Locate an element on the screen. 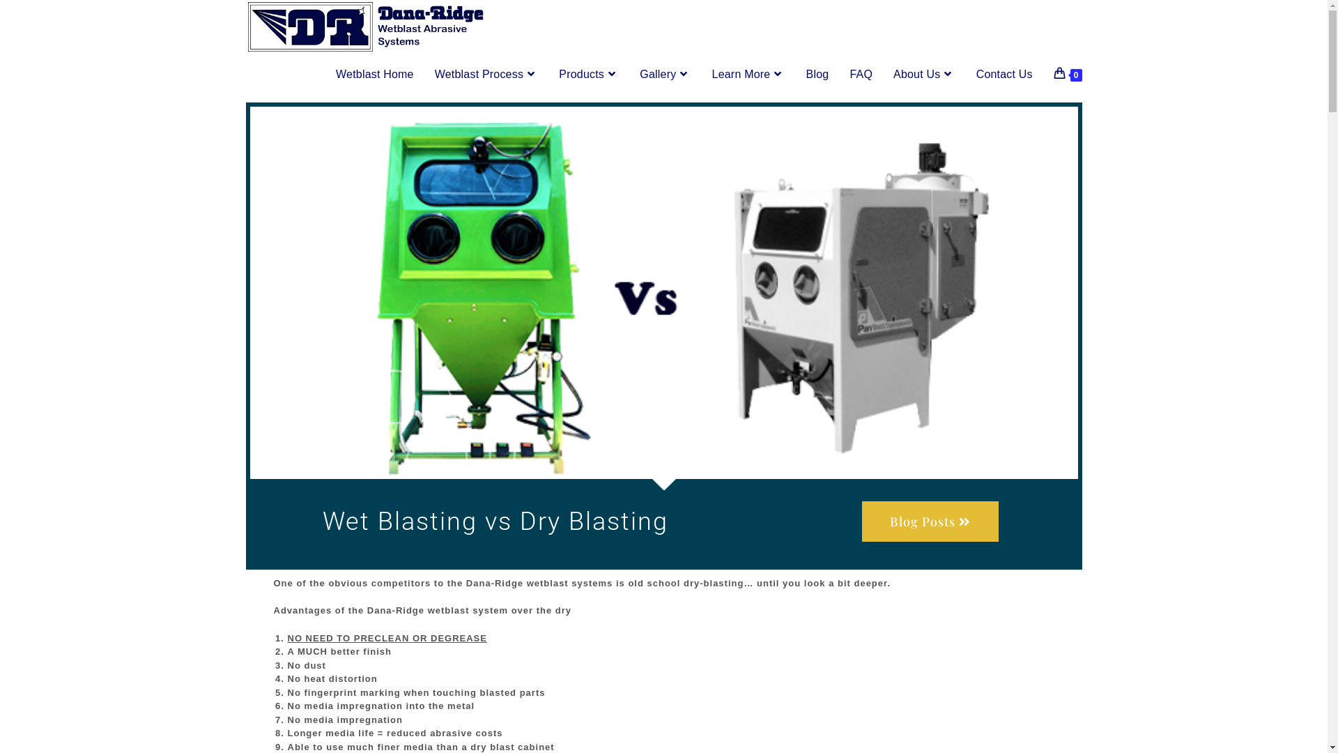 The image size is (1338, 753). 'Products' is located at coordinates (588, 75).